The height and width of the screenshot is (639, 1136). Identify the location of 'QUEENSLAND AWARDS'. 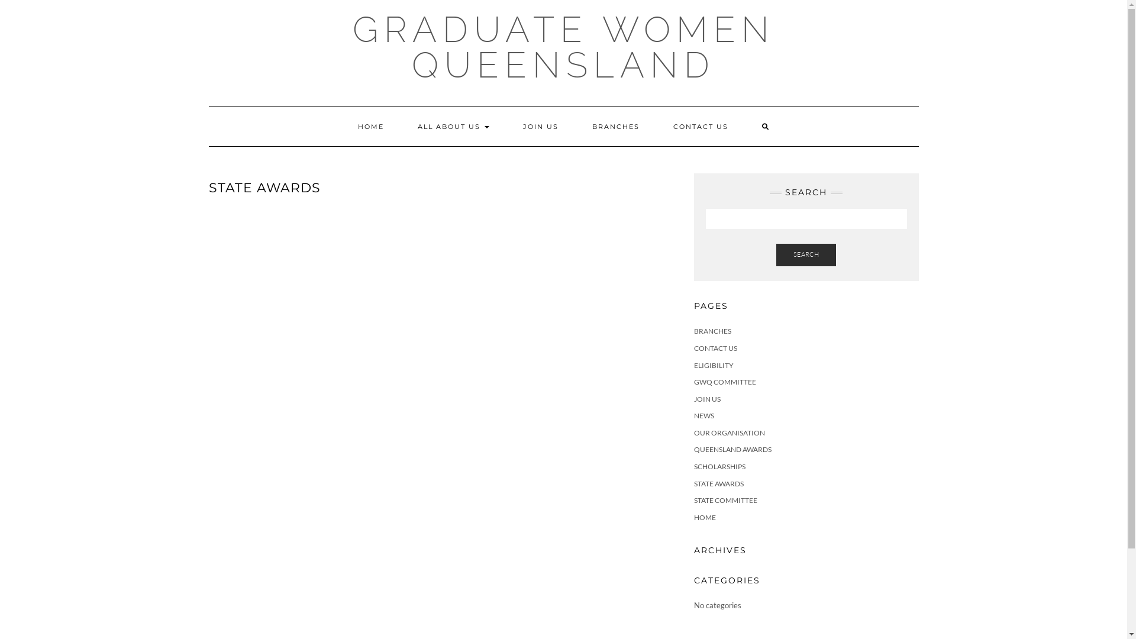
(731, 449).